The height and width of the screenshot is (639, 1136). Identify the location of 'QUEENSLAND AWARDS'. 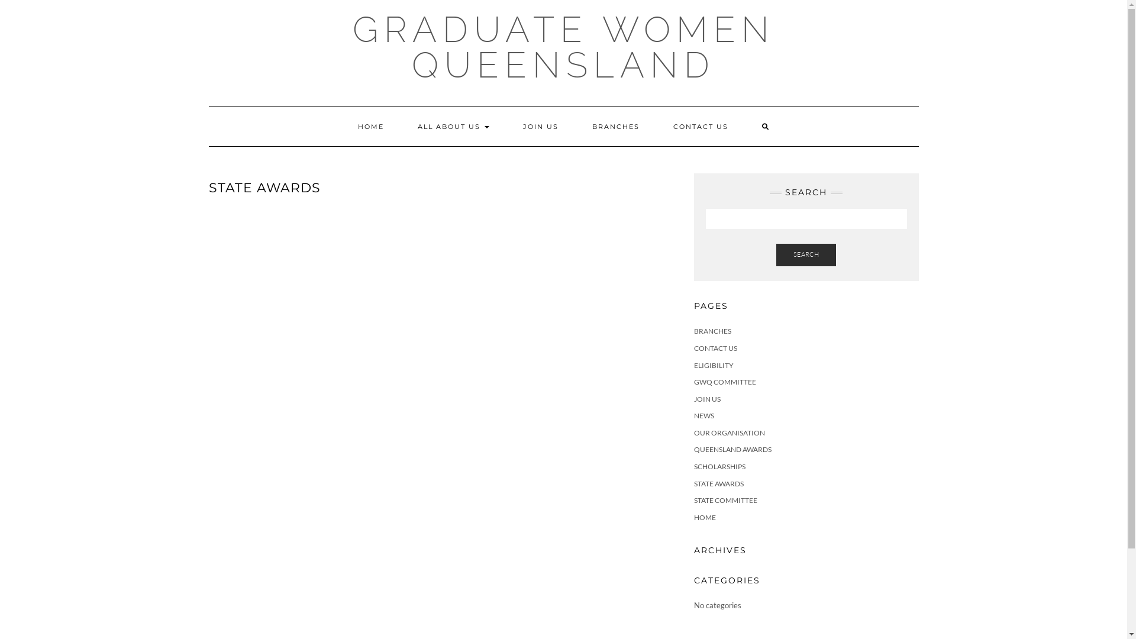
(731, 449).